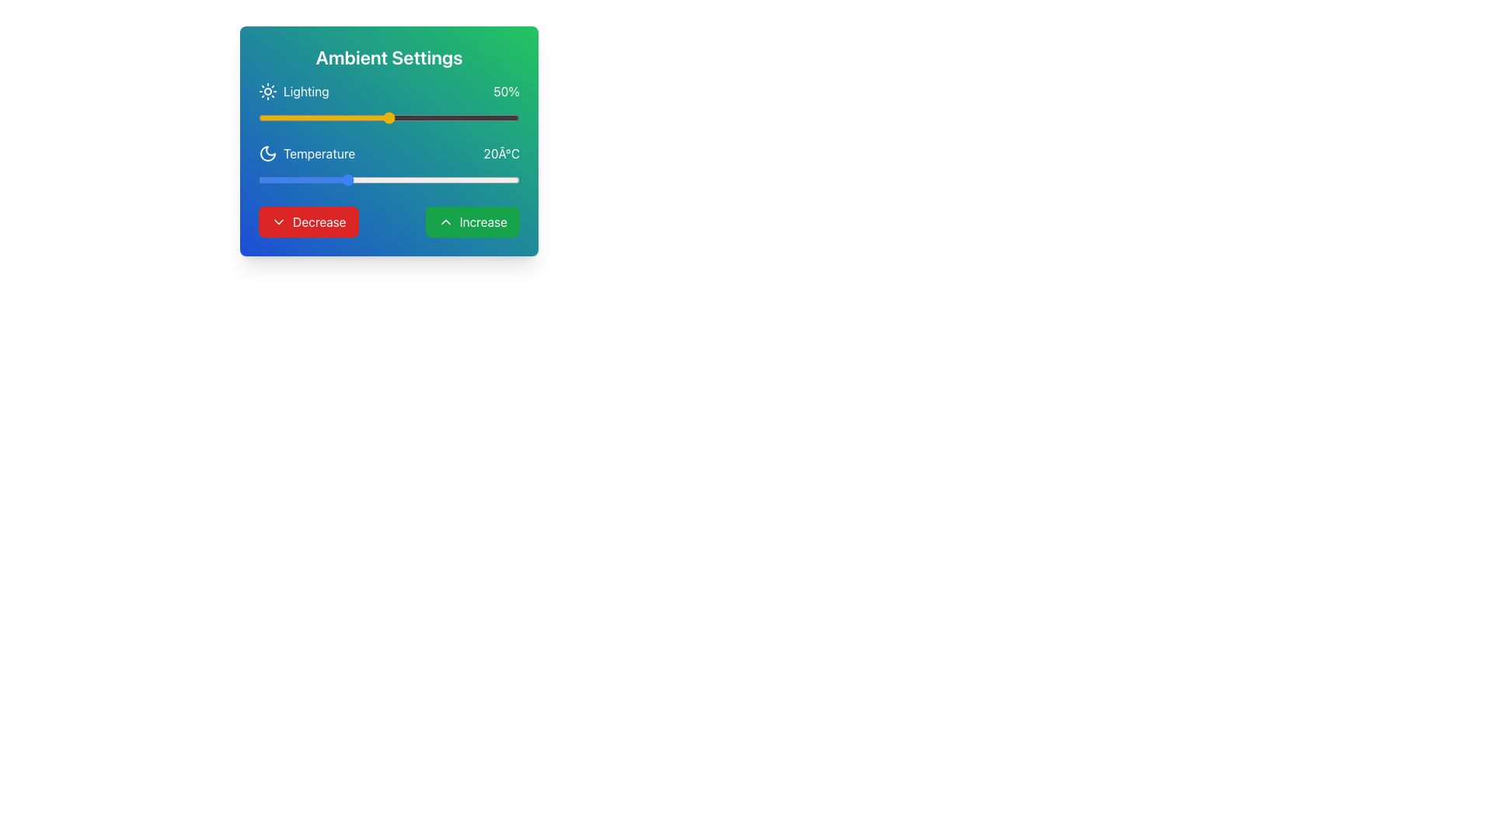  What do you see at coordinates (397, 117) in the screenshot?
I see `the lighting level` at bounding box center [397, 117].